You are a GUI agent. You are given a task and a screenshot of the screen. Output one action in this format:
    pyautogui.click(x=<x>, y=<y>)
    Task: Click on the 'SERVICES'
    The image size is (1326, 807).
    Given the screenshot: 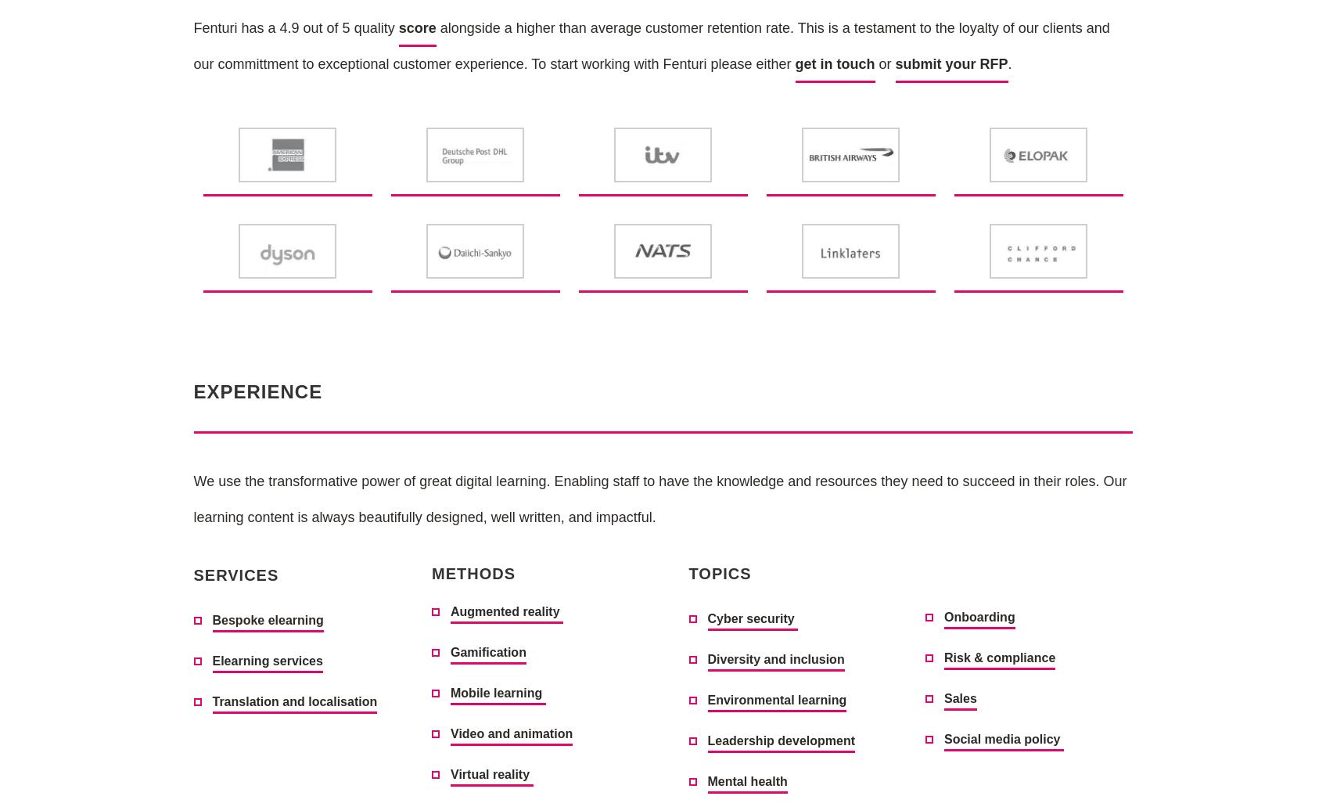 What is the action you would take?
    pyautogui.click(x=235, y=574)
    